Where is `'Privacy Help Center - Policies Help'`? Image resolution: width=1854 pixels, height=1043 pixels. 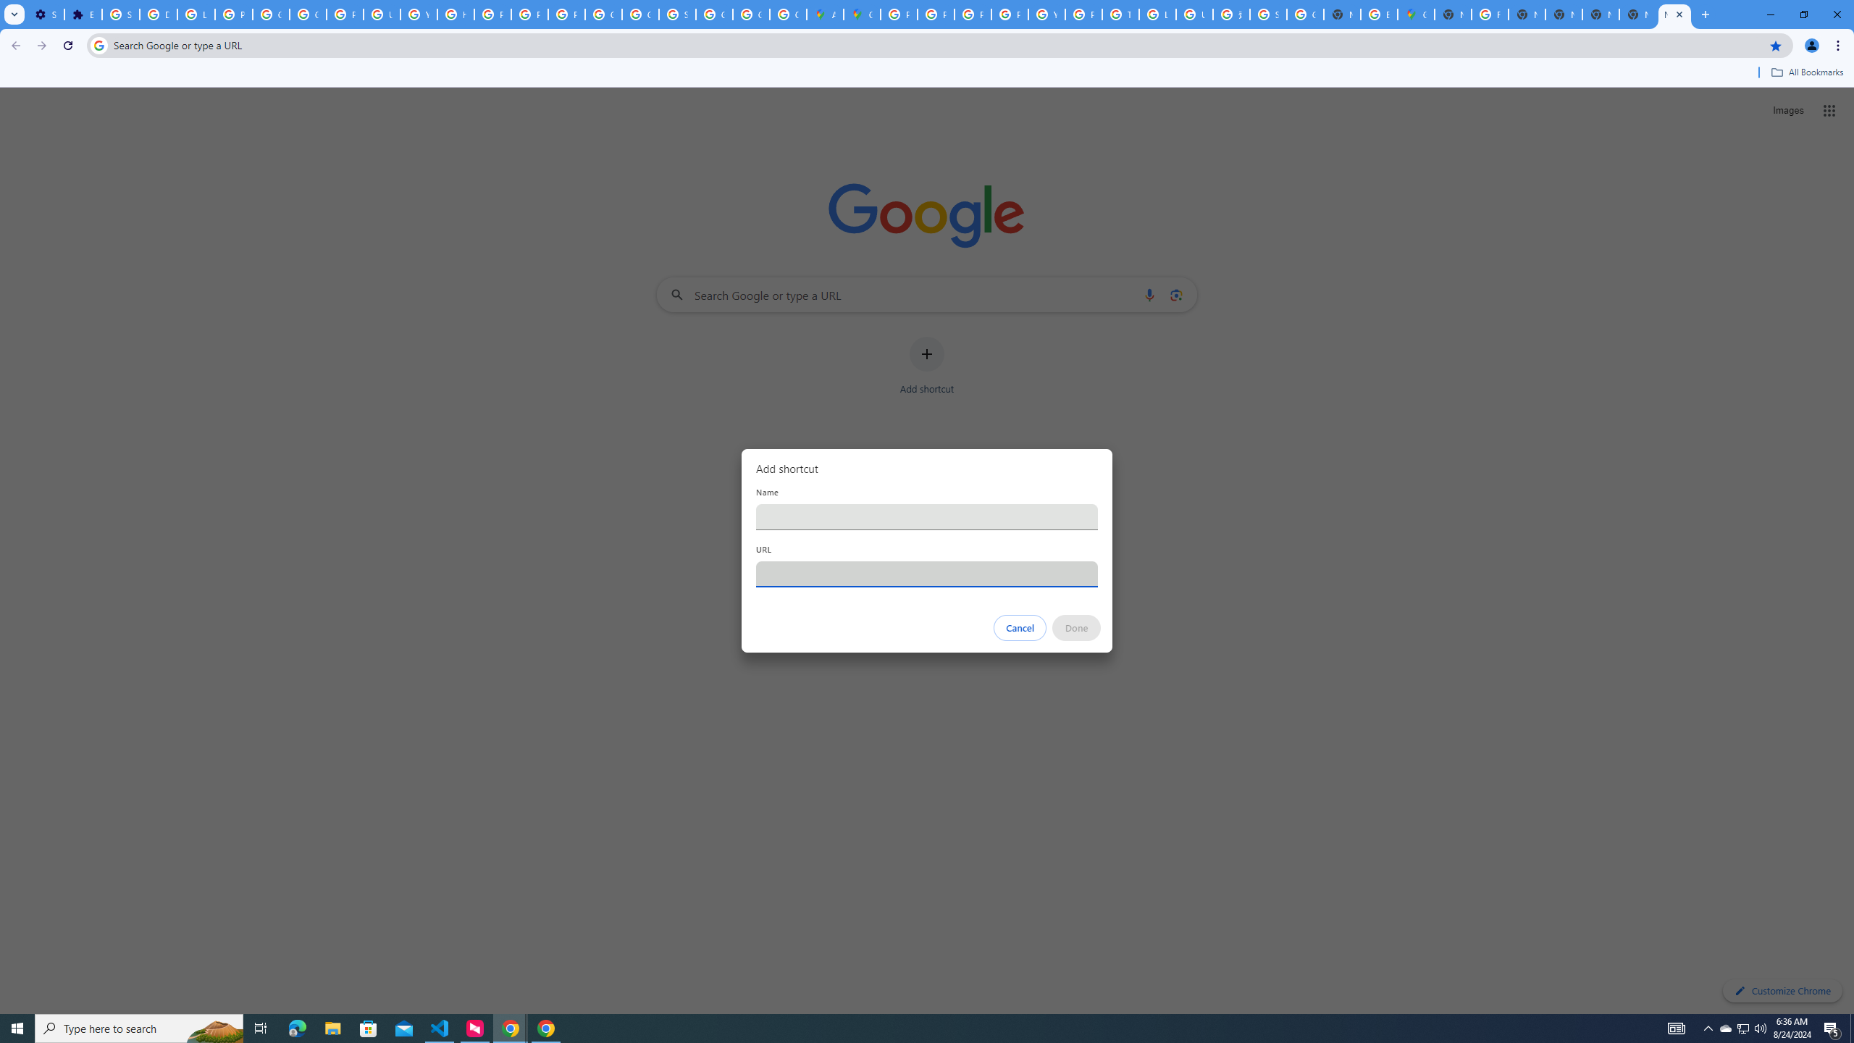 'Privacy Help Center - Policies Help' is located at coordinates (491, 14).